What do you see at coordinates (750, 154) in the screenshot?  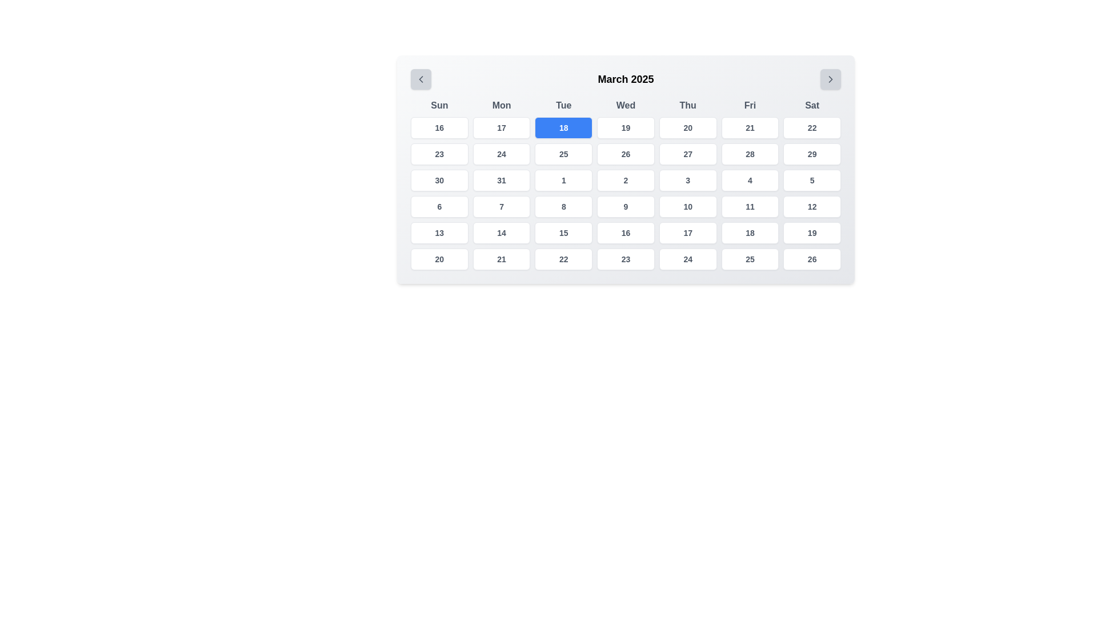 I see `the clickable box representing the calendar date for the 28th day, located under the 'Fri' column in the 4th row of the calendar grid` at bounding box center [750, 154].